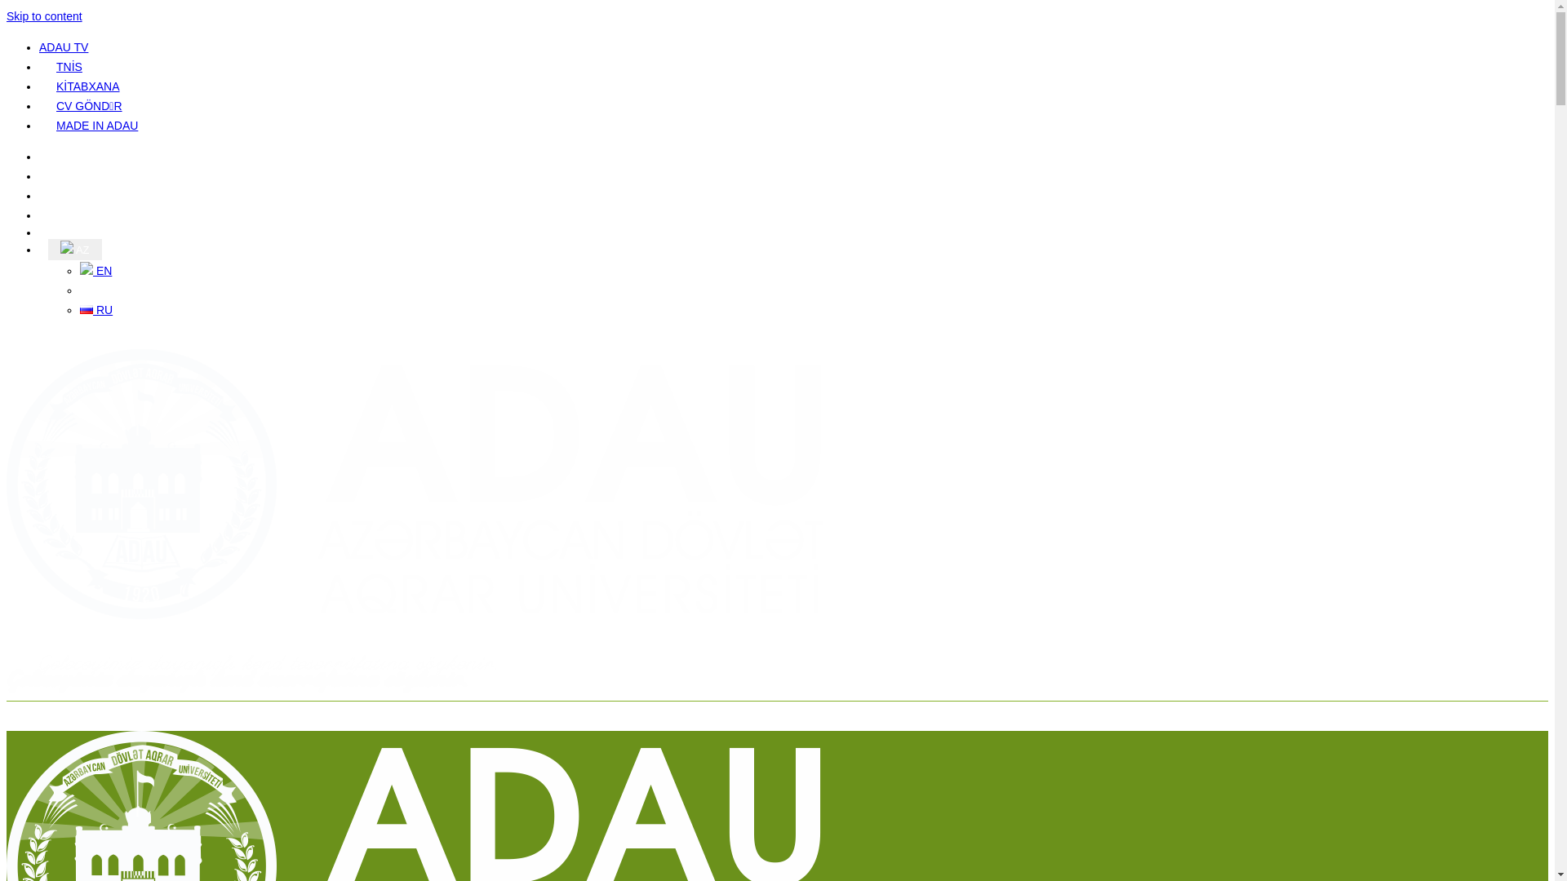  Describe the element at coordinates (95, 269) in the screenshot. I see `'EN'` at that location.